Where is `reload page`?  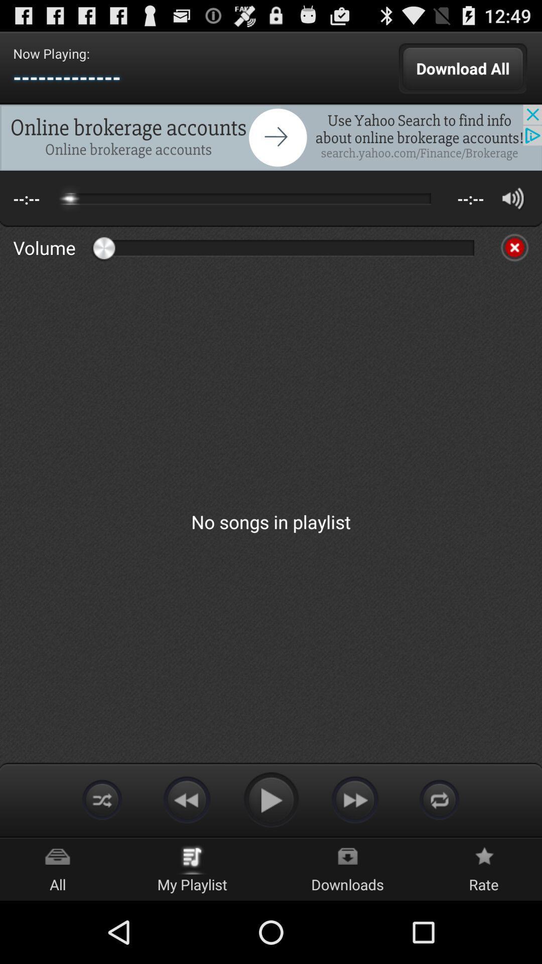
reload page is located at coordinates (439, 799).